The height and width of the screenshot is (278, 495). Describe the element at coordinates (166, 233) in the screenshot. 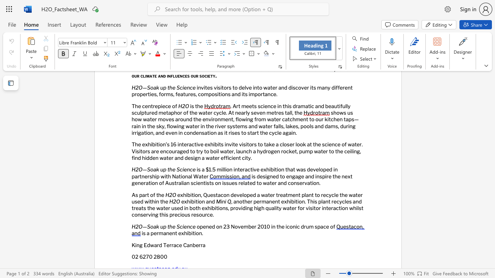

I see `the subset text "nent exhi" within the text "is a permanent exhibition."` at that location.